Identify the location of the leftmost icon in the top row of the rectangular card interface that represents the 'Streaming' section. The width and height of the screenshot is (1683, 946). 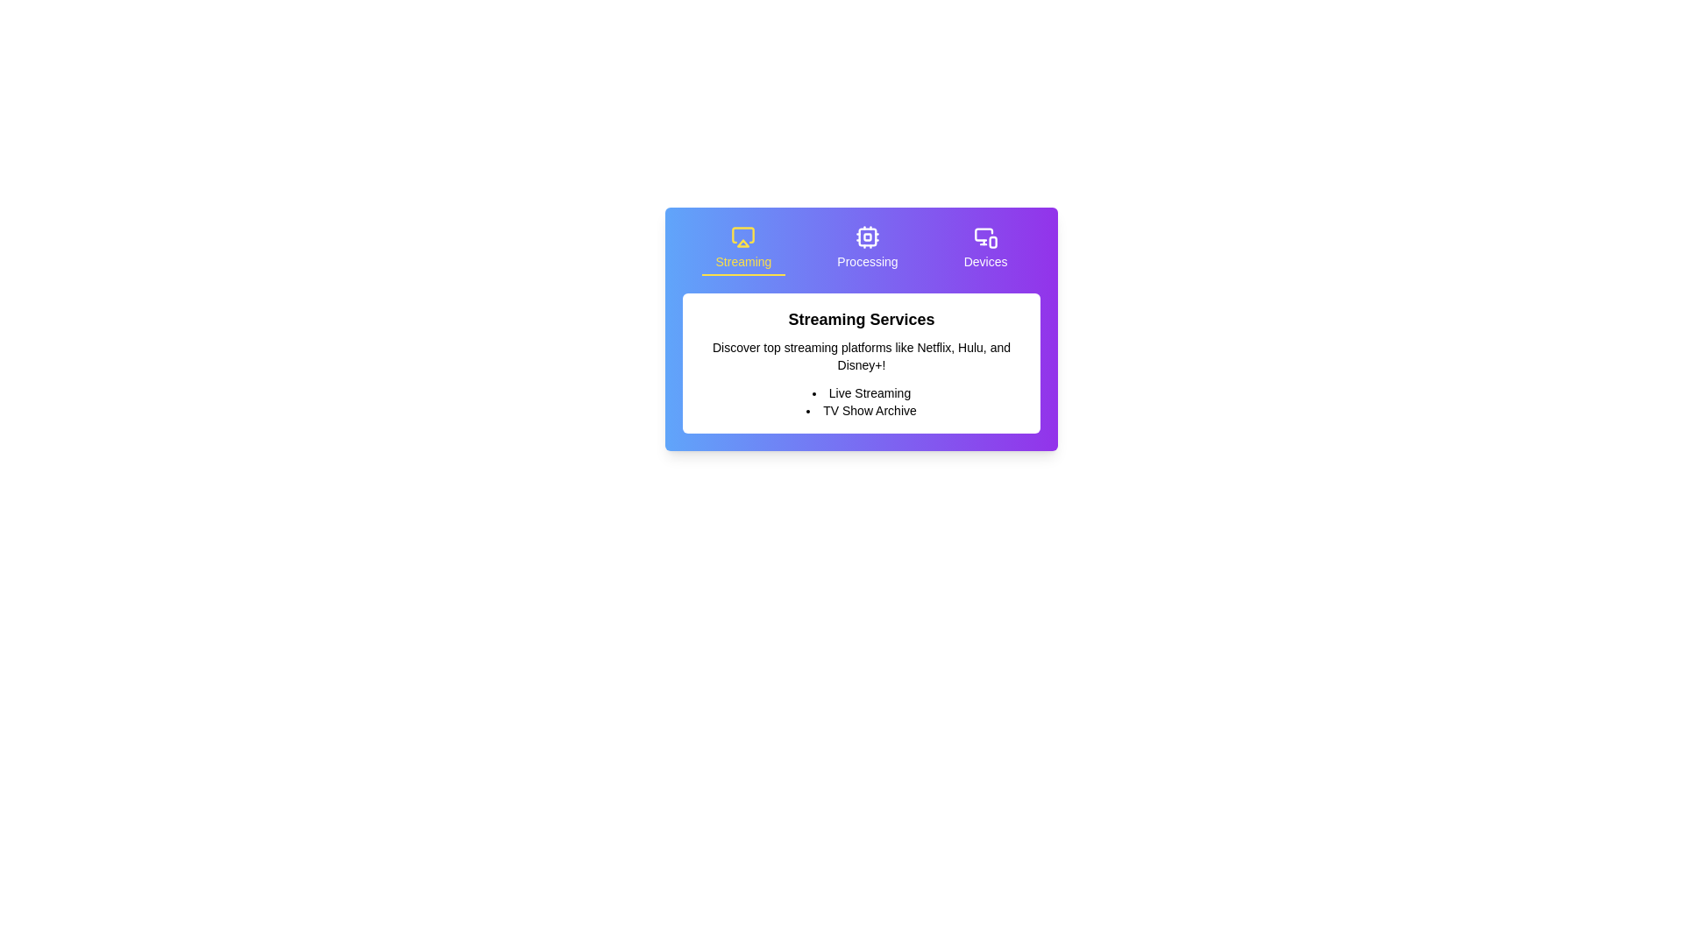
(743, 236).